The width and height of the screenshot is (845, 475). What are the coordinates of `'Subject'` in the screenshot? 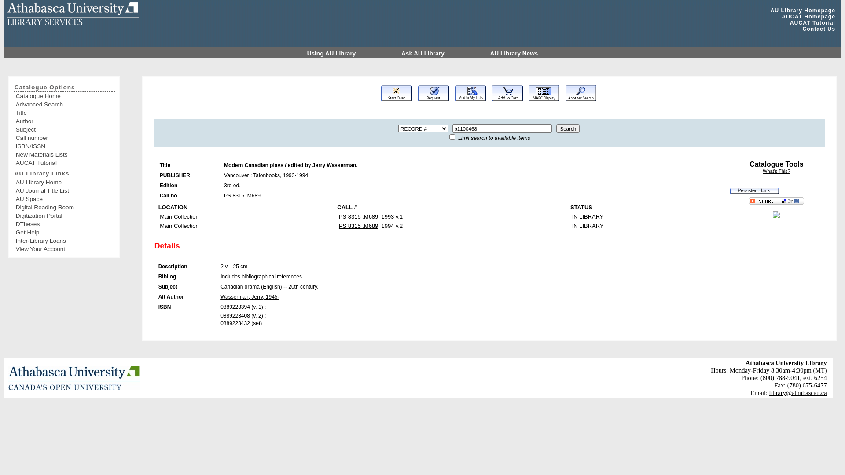 It's located at (64, 129).